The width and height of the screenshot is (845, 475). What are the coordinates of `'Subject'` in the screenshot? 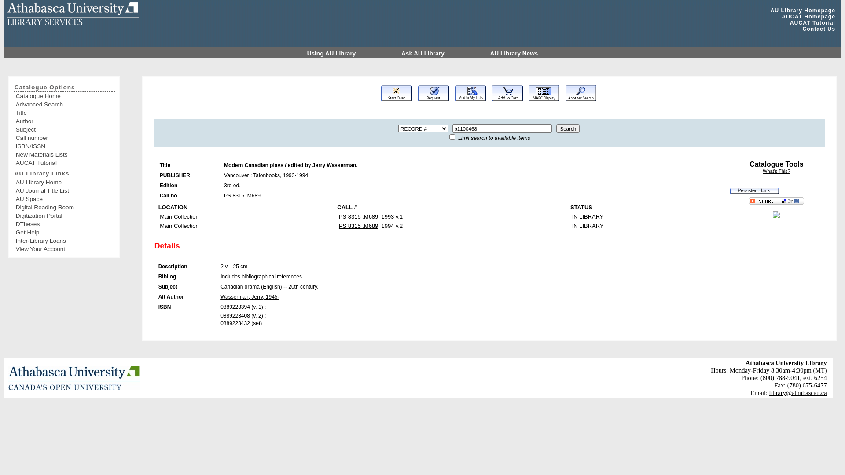 It's located at (64, 129).